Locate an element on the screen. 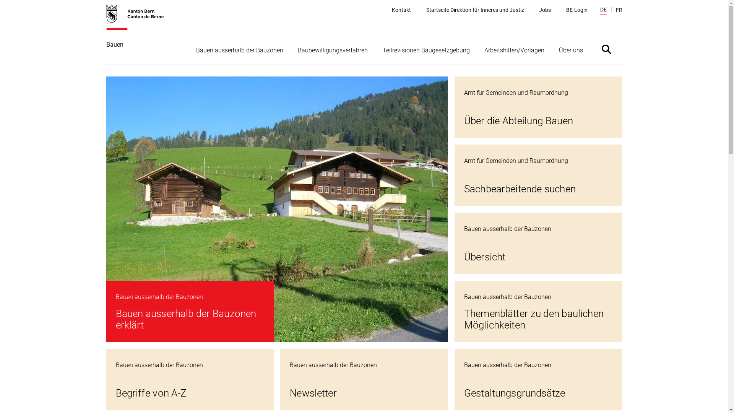 The image size is (734, 413). 'Arbeitshilfen/Vorlagen' is located at coordinates (477, 49).